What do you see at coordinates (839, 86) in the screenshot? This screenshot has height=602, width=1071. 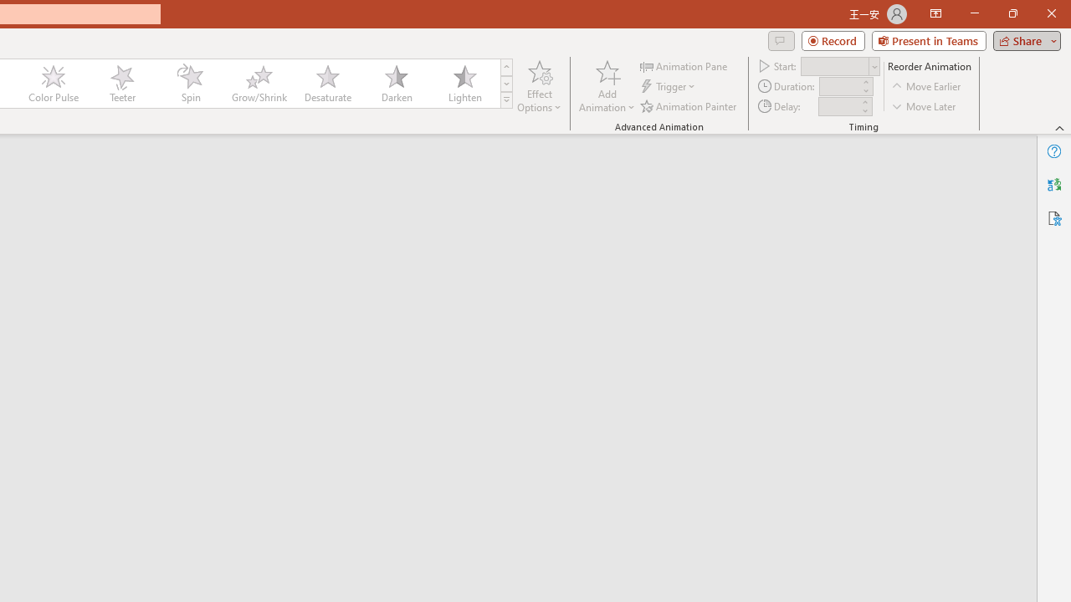 I see `'Animation Duration'` at bounding box center [839, 86].